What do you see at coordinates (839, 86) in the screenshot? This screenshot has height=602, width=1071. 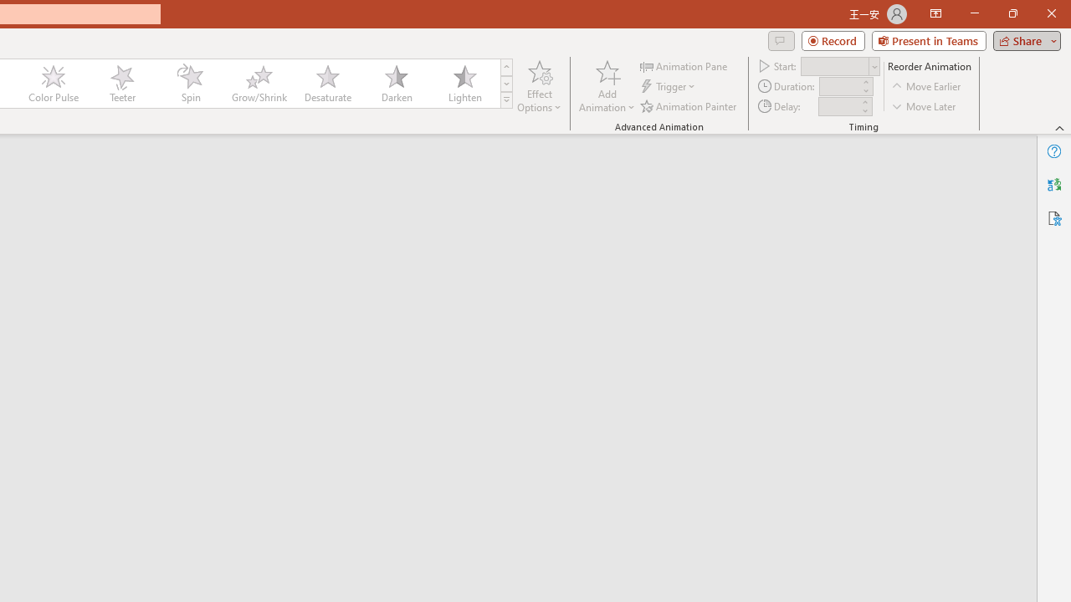 I see `'Animation Duration'` at bounding box center [839, 86].